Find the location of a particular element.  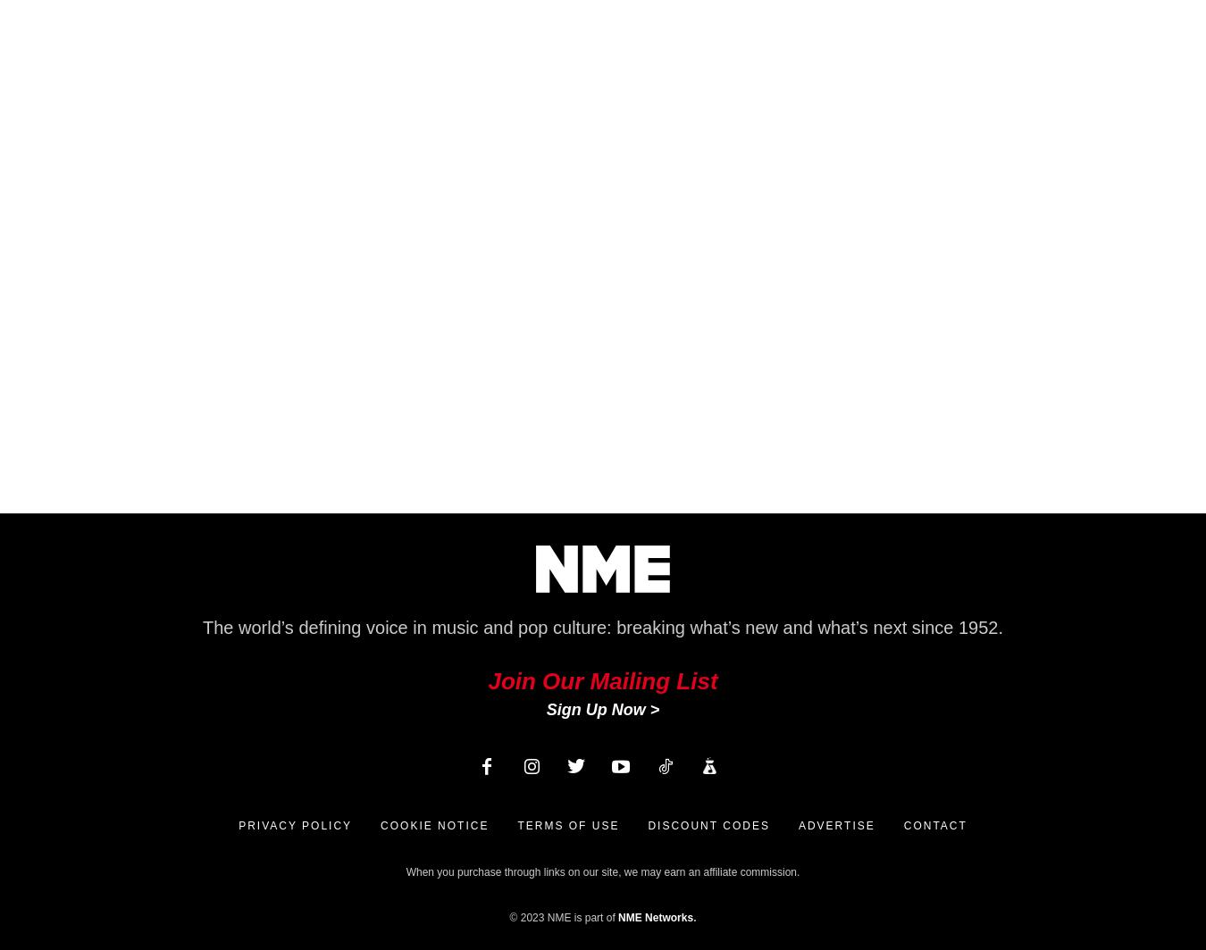

'Advertise' is located at coordinates (834, 826).